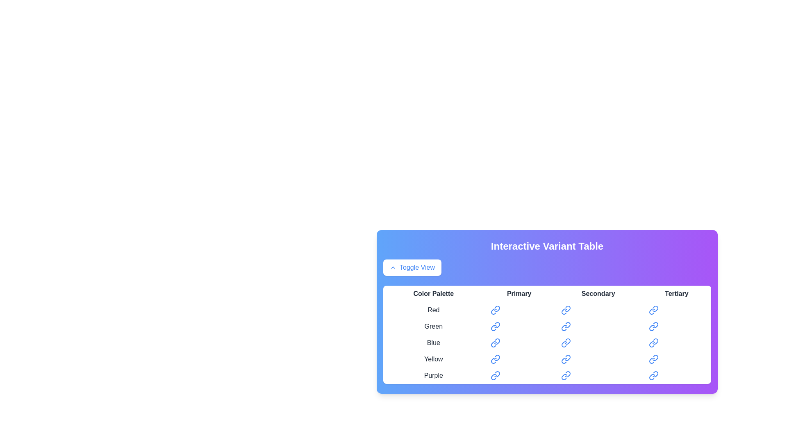  Describe the element at coordinates (547, 326) in the screenshot. I see `the table row labeled 'Green' which contains the text 'GreenPrimary - GreenSecondary - GreenTertiary - Green'. This row is the second one in the table, positioned between the 'Red' and 'Blue' rows` at that location.